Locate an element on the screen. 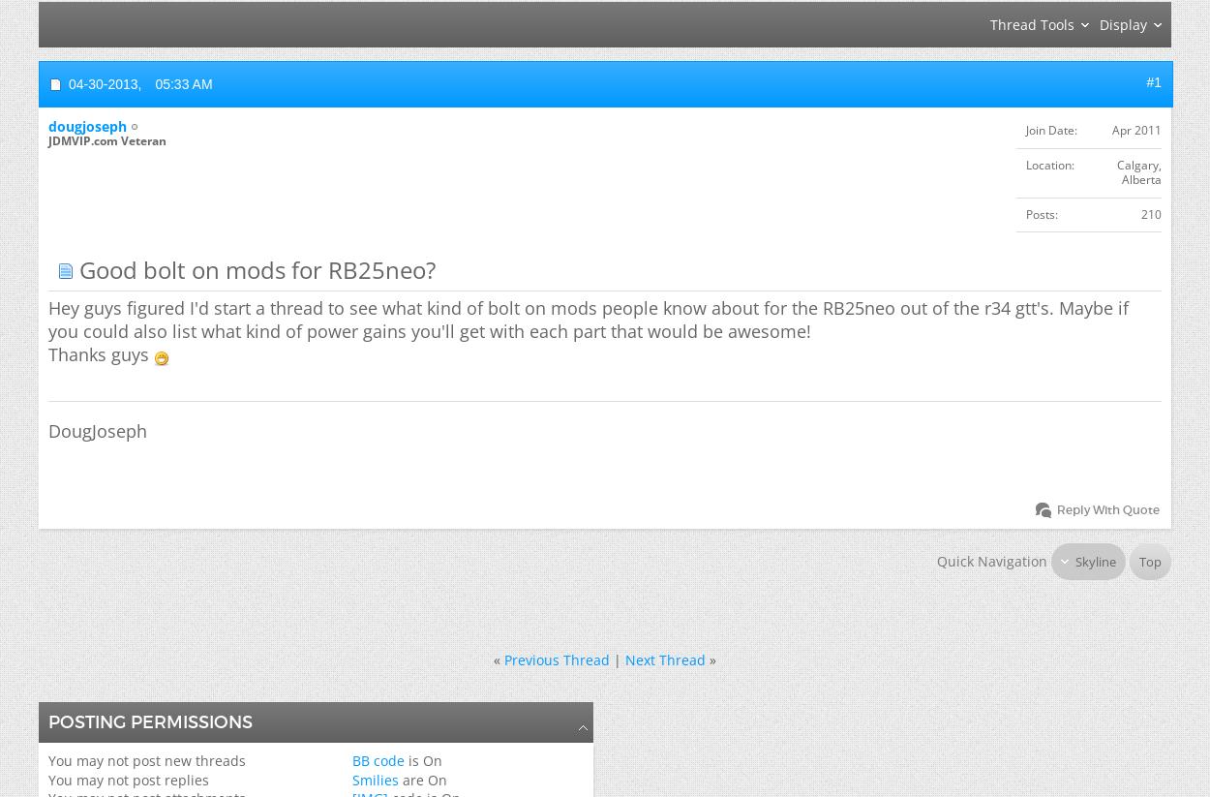 This screenshot has width=1210, height=797. 'are' is located at coordinates (413, 779).